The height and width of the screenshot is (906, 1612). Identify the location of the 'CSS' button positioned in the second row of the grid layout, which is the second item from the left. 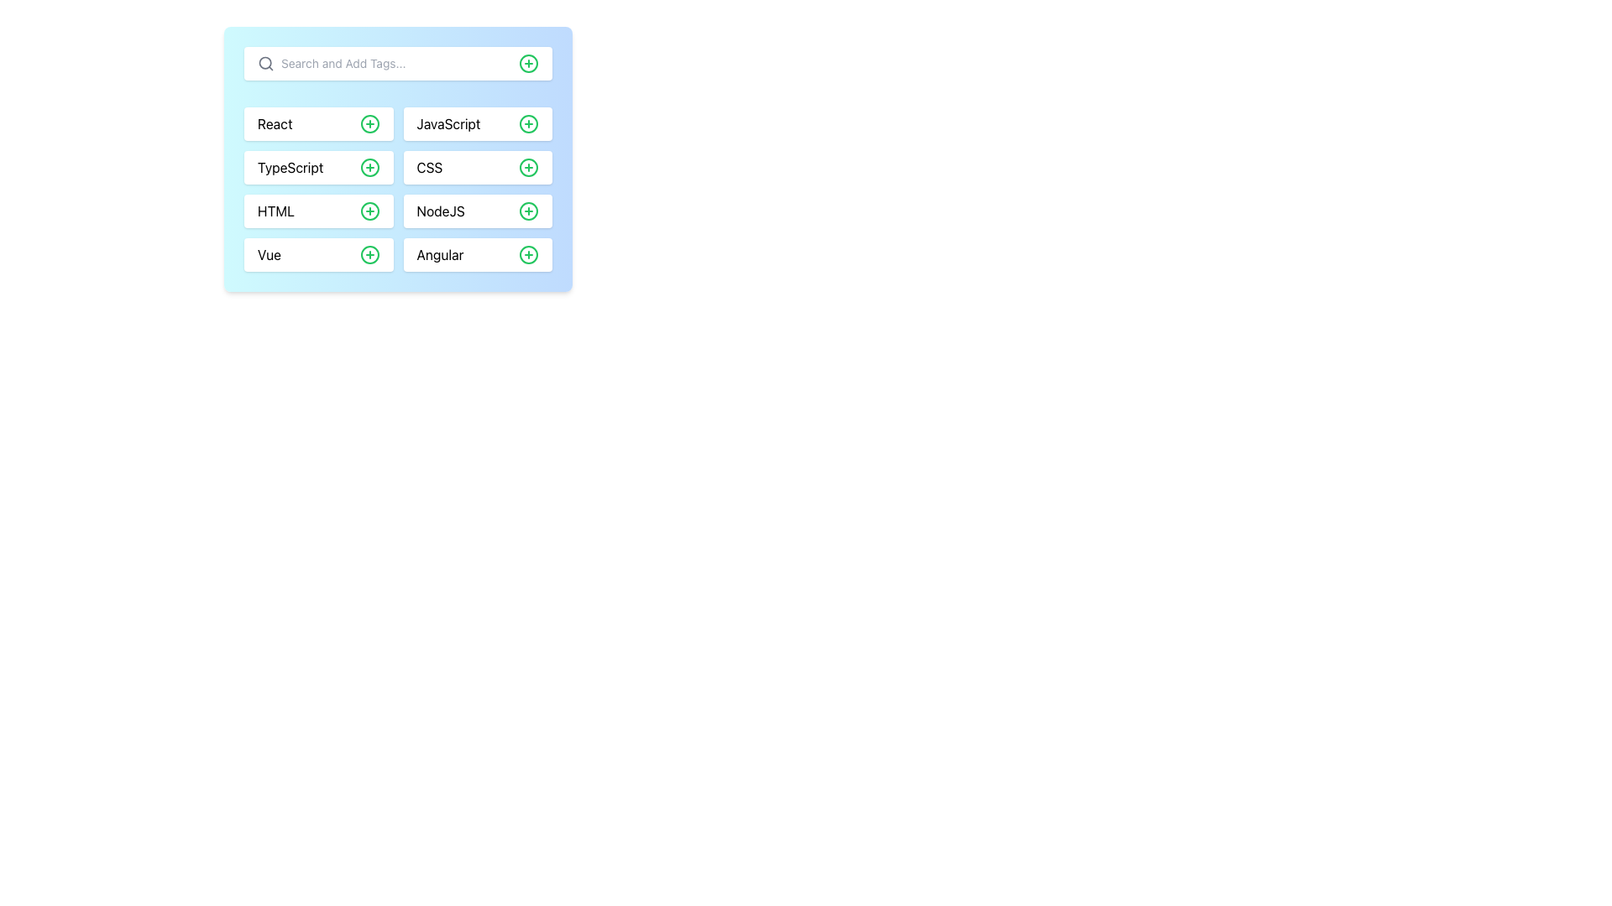
(477, 168).